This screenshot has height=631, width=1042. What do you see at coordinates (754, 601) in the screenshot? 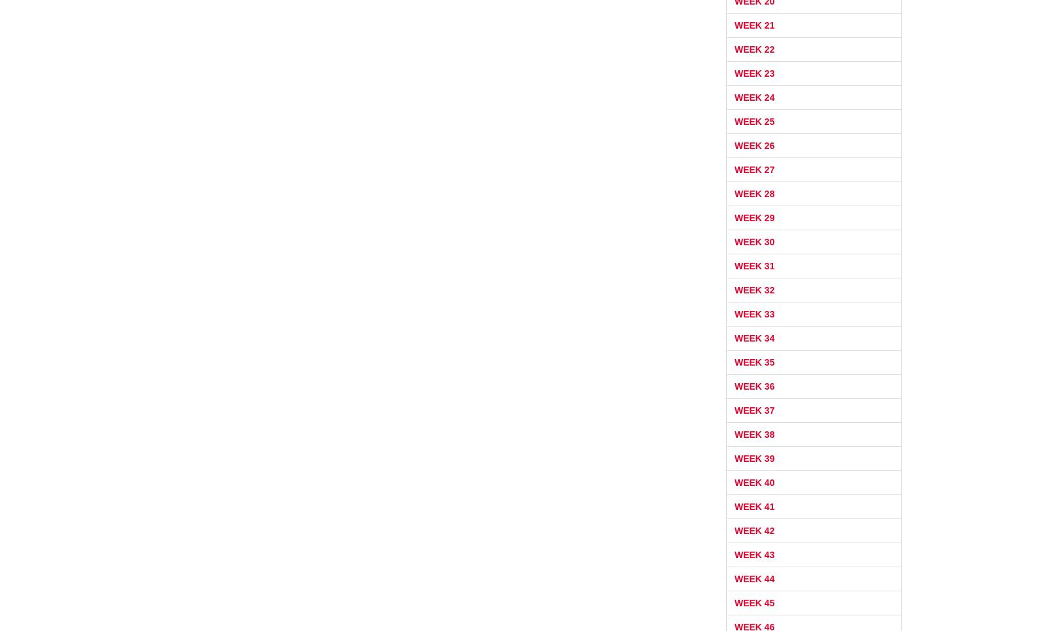
I see `'Week 45'` at bounding box center [754, 601].